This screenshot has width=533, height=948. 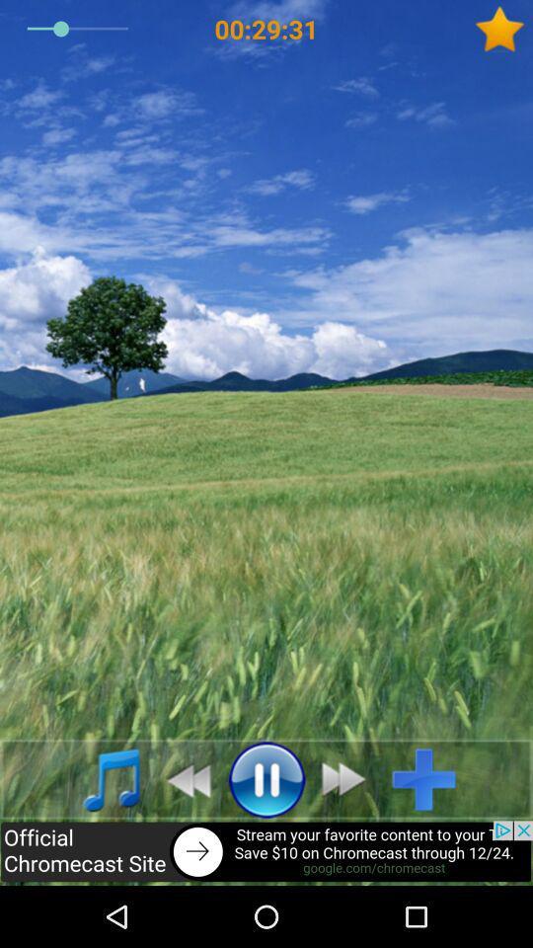 I want to click on increase, so click(x=430, y=779).